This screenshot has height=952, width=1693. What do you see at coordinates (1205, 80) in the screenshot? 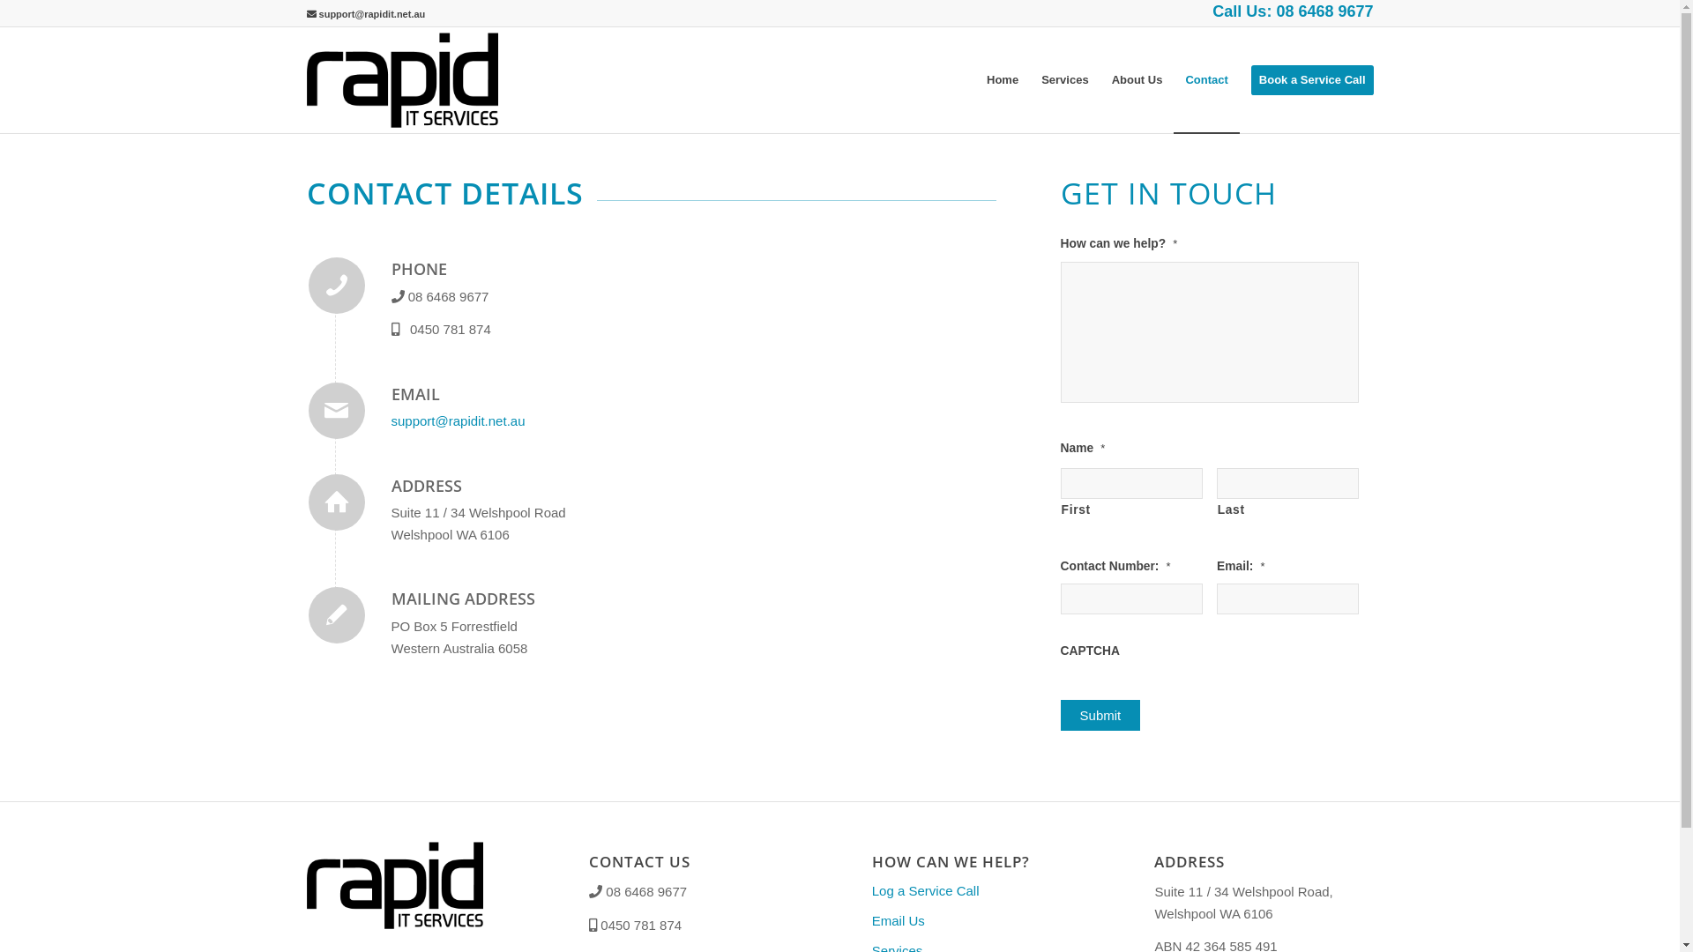
I see `'Contact'` at bounding box center [1205, 80].